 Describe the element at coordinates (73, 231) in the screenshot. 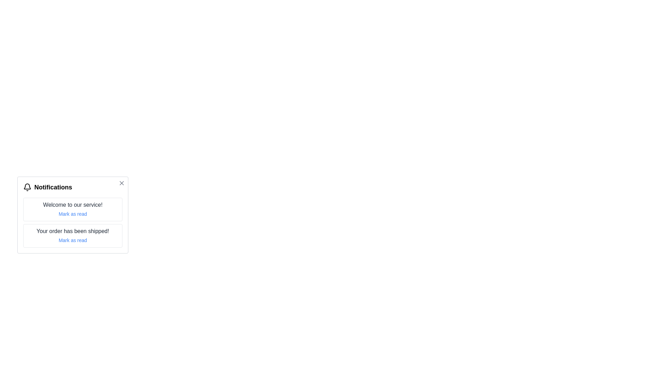

I see `the text label displaying 'Your order has been shipped!' which is styled in medium-sized dark gray text within a notification card` at that location.